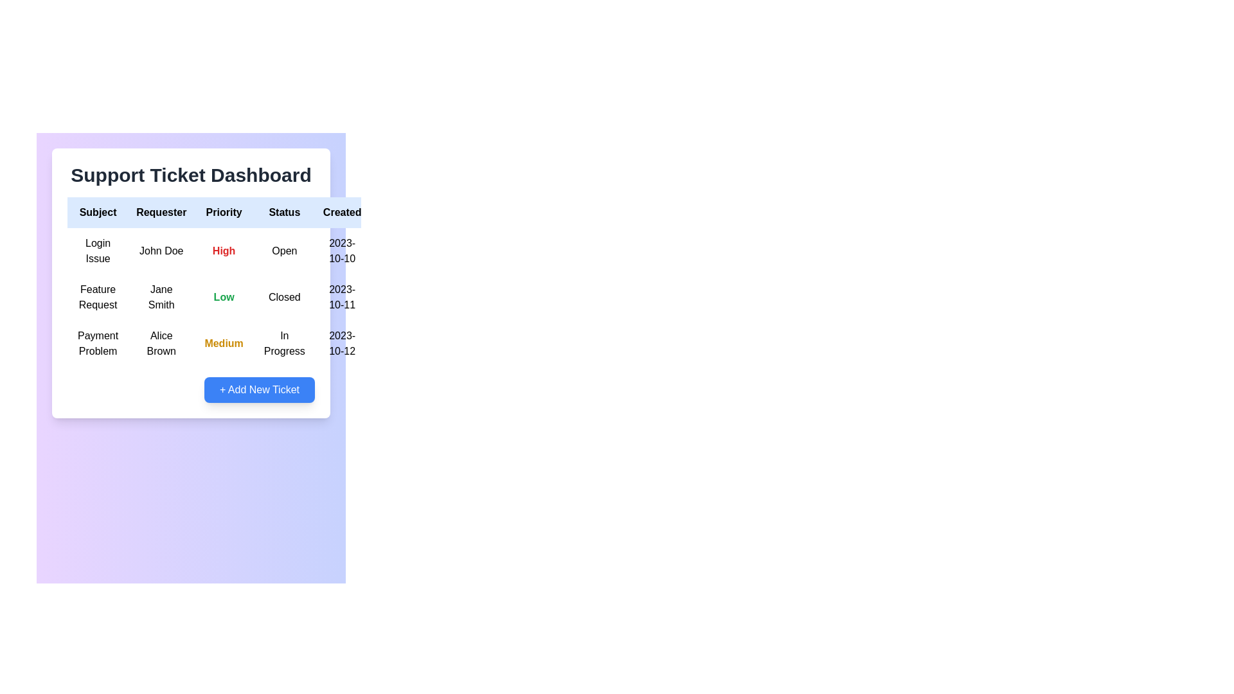 The image size is (1234, 694). What do you see at coordinates (190, 389) in the screenshot?
I see `the 'Add New Ticket' button located in the bottom-right section of the 'Support Ticket Dashboard'` at bounding box center [190, 389].